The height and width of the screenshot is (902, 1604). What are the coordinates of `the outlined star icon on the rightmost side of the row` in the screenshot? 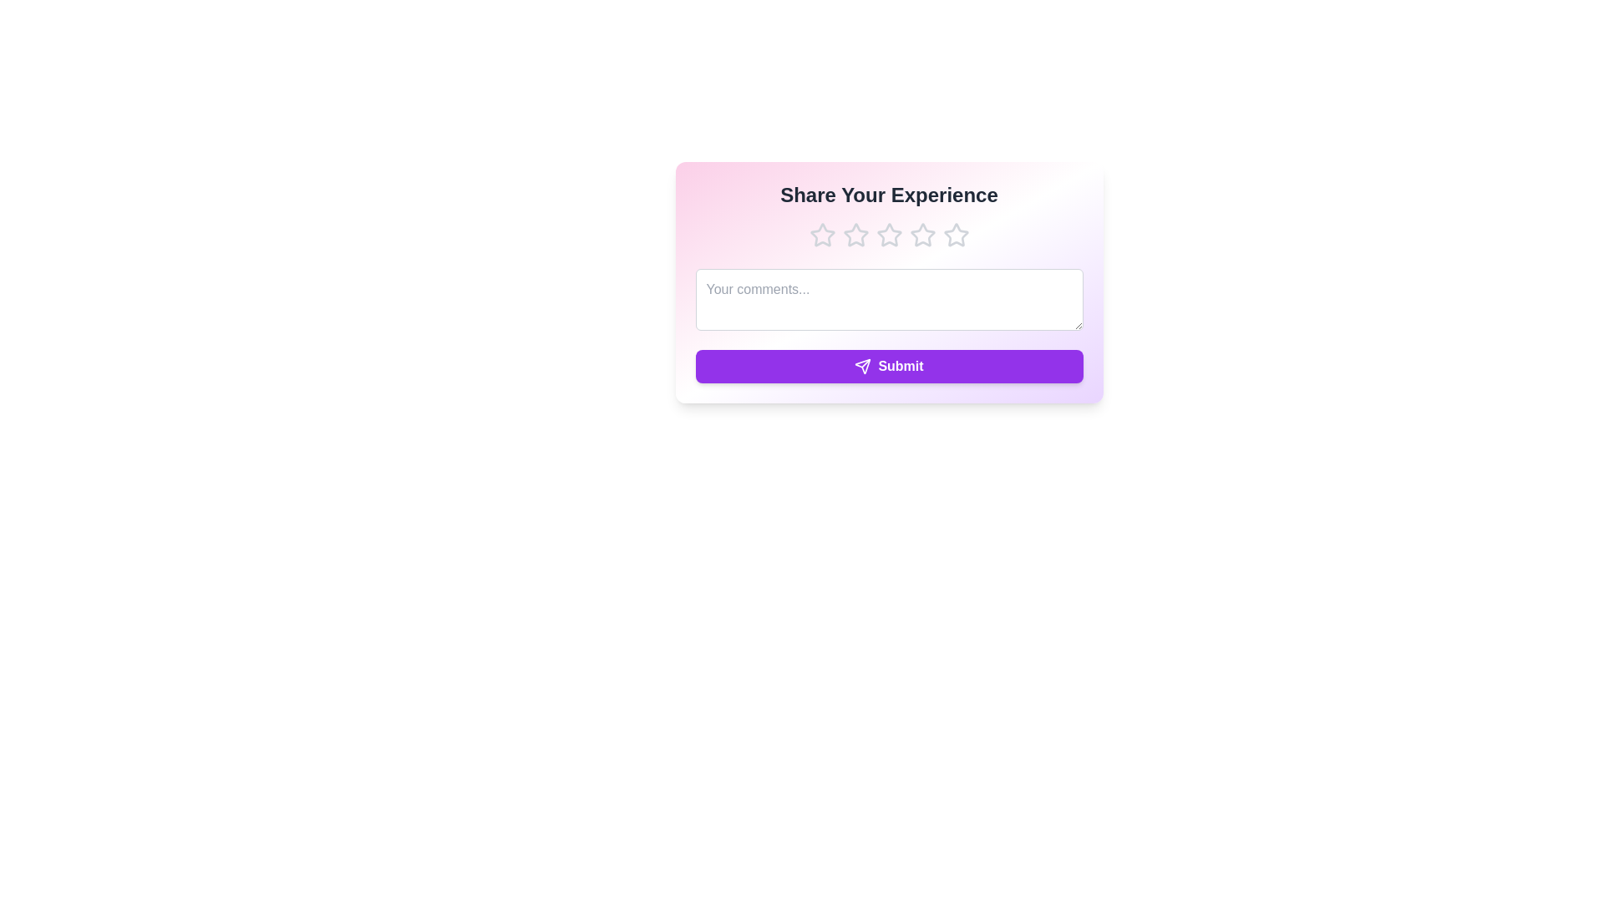 It's located at (956, 235).